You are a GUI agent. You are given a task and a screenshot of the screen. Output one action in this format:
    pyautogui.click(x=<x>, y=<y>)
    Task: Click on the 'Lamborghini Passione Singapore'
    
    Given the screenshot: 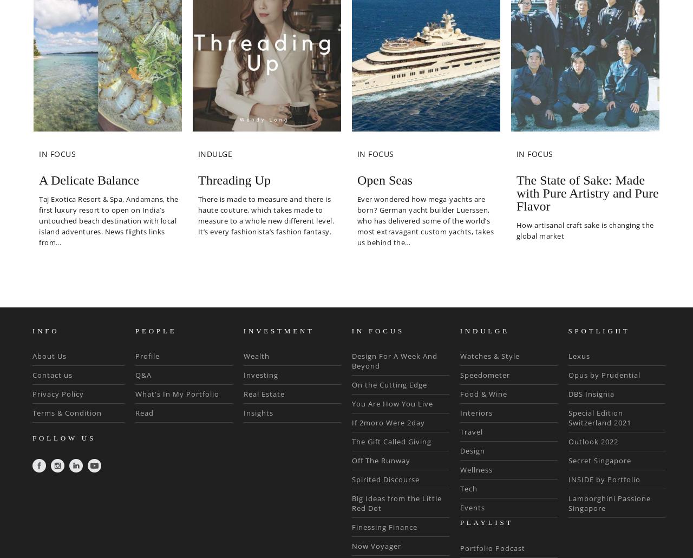 What is the action you would take?
    pyautogui.click(x=609, y=502)
    